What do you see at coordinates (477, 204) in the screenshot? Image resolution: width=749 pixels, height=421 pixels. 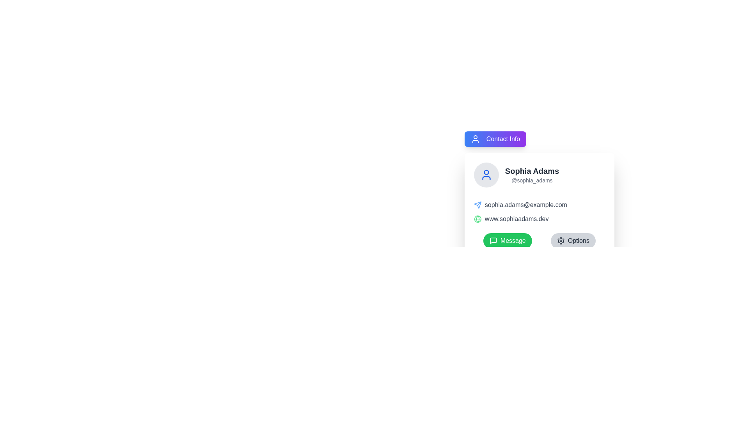 I see `the blue paper airplane icon that represents sending messages, located to the immediate left of the text 'sophia.adams@example.com'` at bounding box center [477, 204].